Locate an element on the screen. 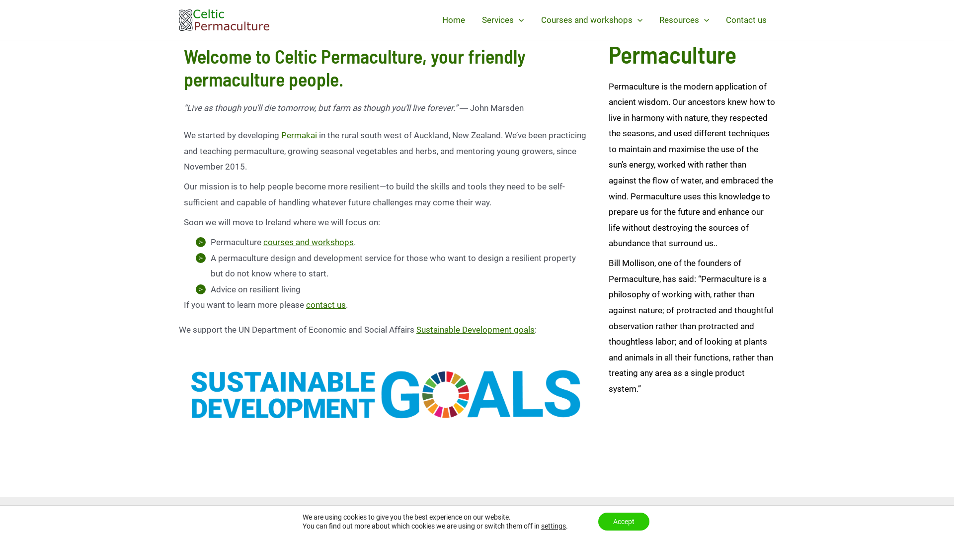 This screenshot has height=537, width=954. 'Resources' is located at coordinates (684, 19).